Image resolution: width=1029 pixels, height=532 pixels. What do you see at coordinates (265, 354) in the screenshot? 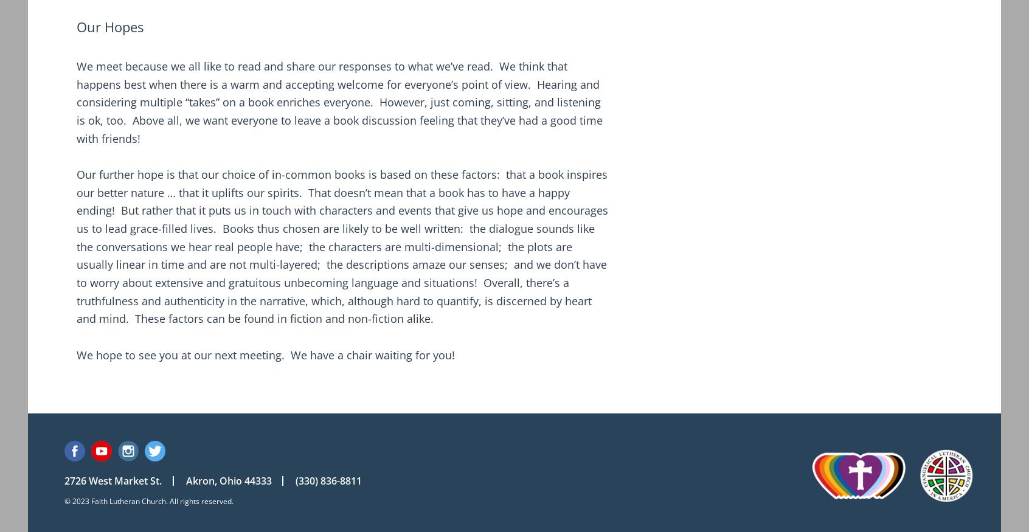
I see `'We hope to see you at our next meeting.  We have a chair waiting for you!'` at bounding box center [265, 354].